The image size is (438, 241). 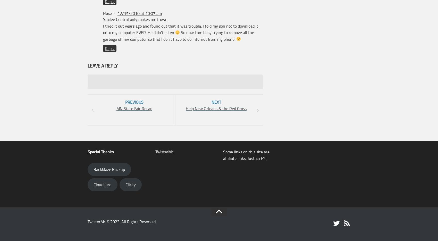 What do you see at coordinates (181, 29) in the screenshot?
I see `'I tried it out years ago and found out that it was trouble. I told my son not to download it onto my computer EVER. He didn’t listen'` at bounding box center [181, 29].